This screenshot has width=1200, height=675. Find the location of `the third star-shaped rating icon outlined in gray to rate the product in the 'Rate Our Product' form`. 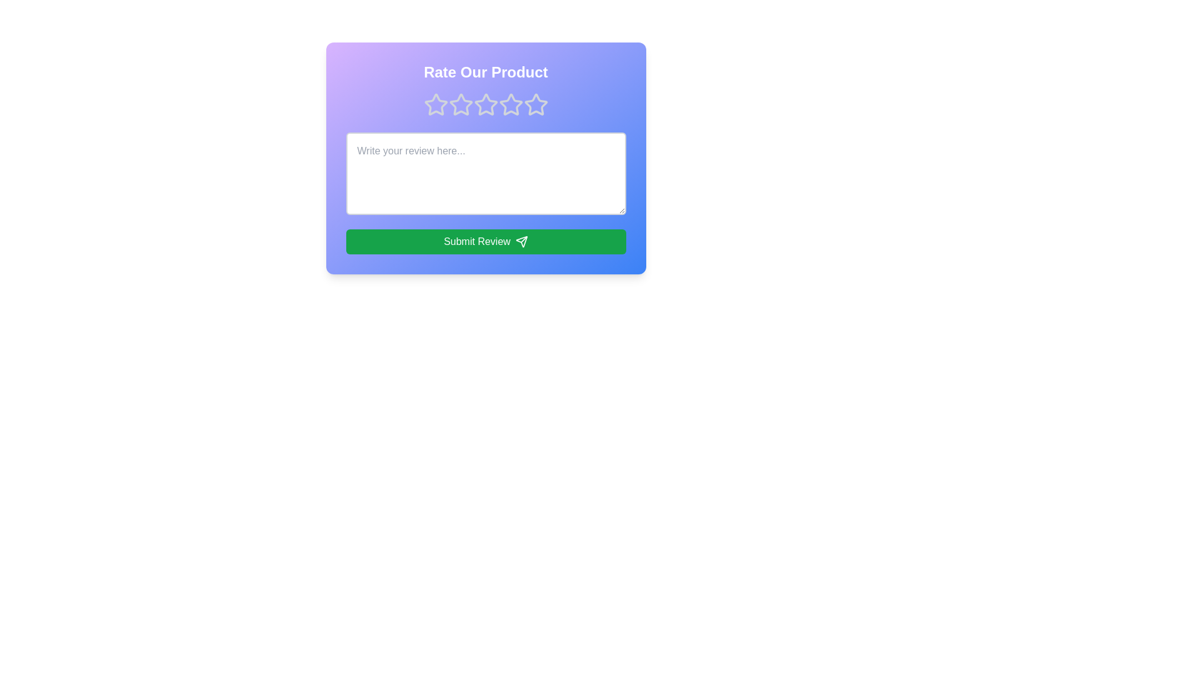

the third star-shaped rating icon outlined in gray to rate the product in the 'Rate Our Product' form is located at coordinates (511, 104).